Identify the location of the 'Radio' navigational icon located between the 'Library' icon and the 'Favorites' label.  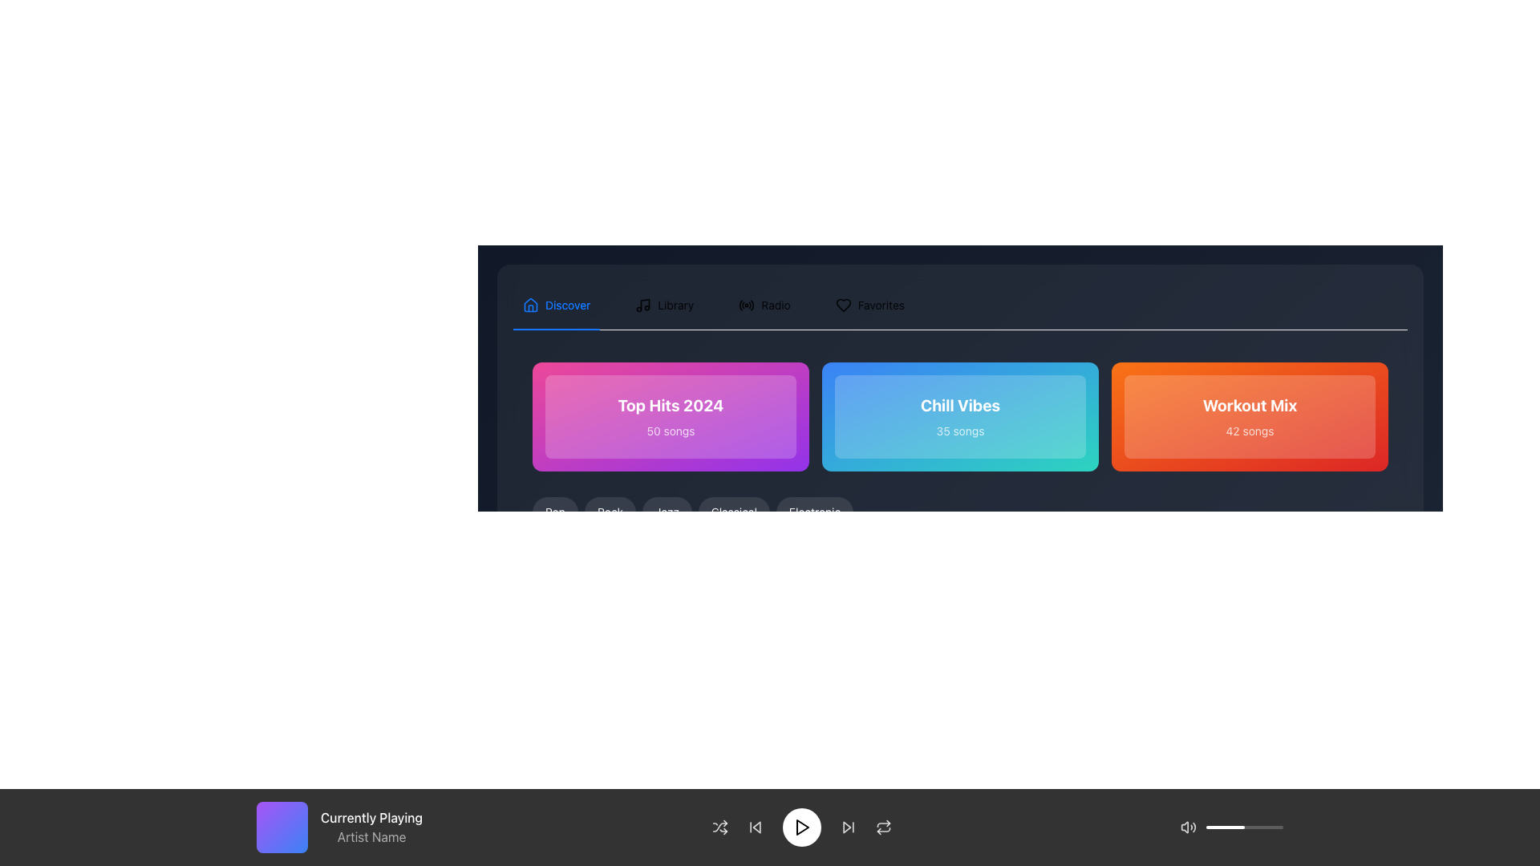
(746, 306).